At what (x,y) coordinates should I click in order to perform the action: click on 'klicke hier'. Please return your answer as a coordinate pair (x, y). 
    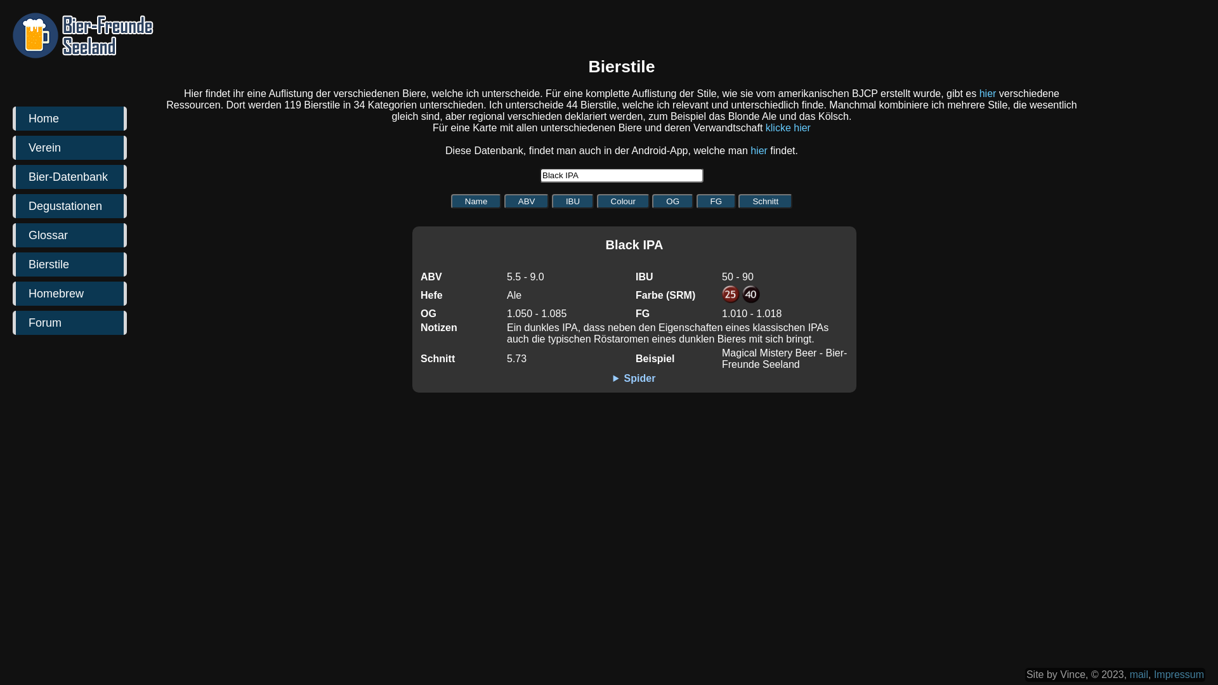
    Looking at the image, I should click on (787, 127).